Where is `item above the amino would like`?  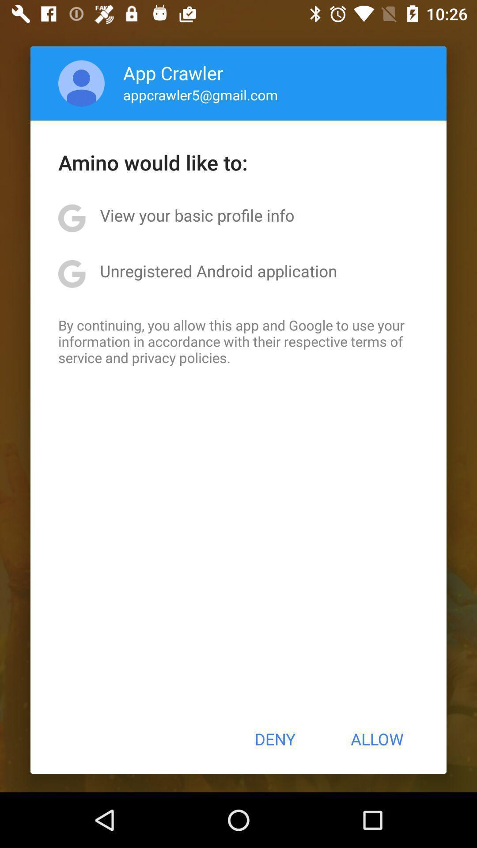 item above the amino would like is located at coordinates (81, 83).